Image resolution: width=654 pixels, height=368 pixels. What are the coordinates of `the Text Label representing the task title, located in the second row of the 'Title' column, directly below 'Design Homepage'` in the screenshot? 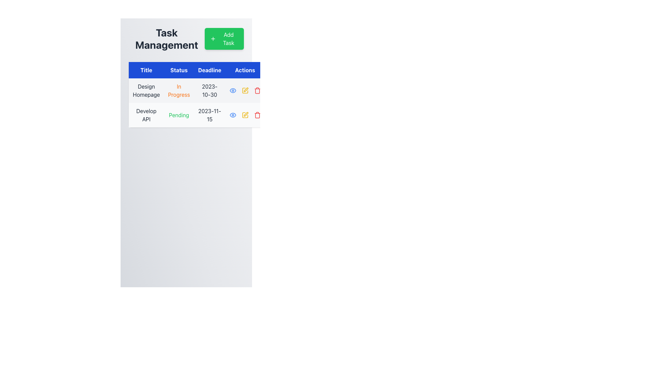 It's located at (146, 115).